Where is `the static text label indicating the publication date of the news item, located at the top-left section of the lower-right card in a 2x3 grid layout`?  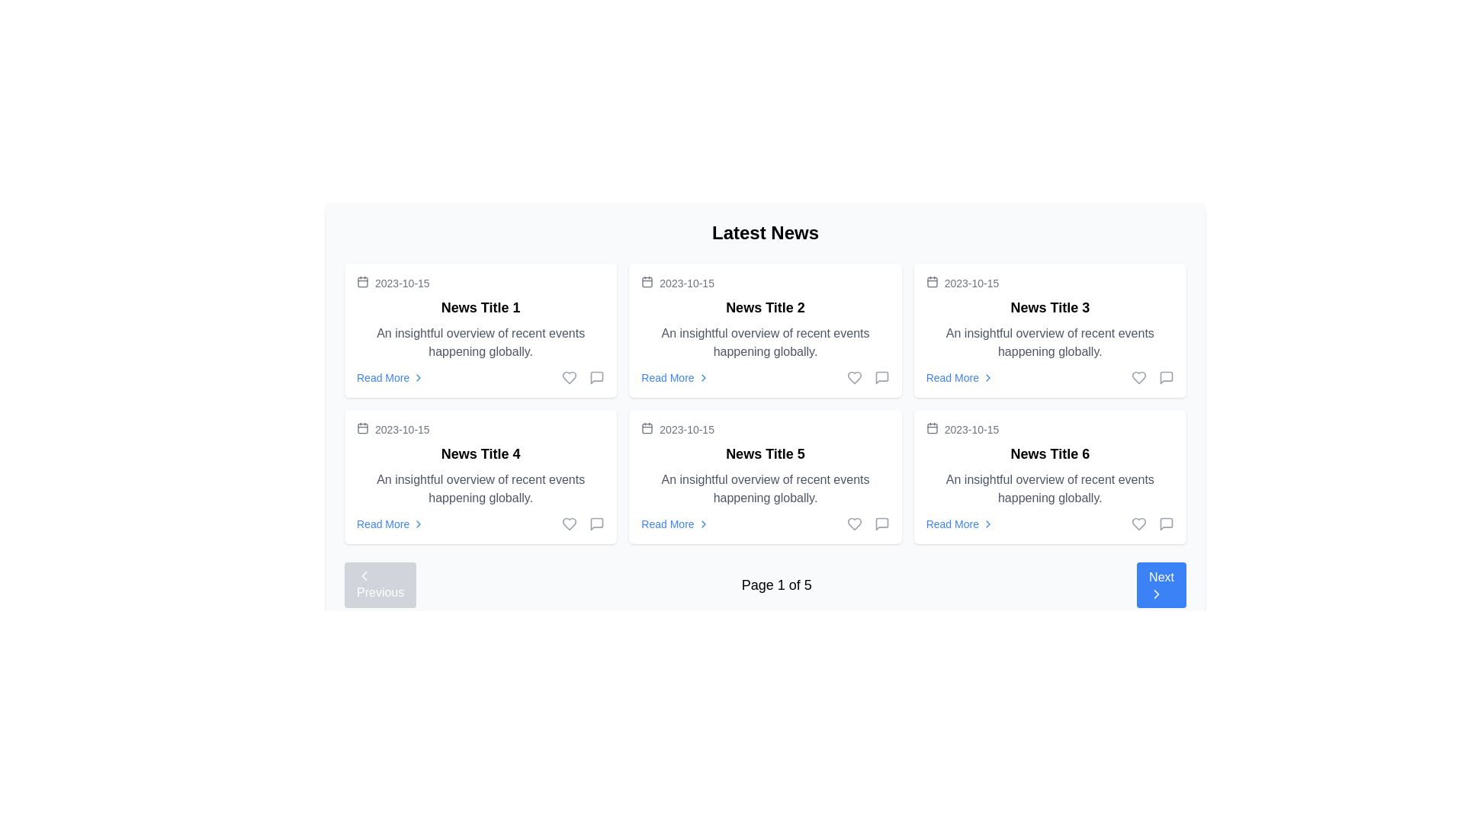
the static text label indicating the publication date of the news item, located at the top-left section of the lower-right card in a 2x3 grid layout is located at coordinates (971, 429).